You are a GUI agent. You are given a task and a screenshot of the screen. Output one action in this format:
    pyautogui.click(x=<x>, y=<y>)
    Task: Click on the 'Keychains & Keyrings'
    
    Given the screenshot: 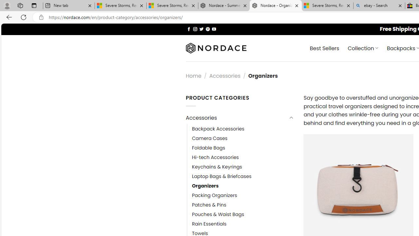 What is the action you would take?
    pyautogui.click(x=217, y=167)
    